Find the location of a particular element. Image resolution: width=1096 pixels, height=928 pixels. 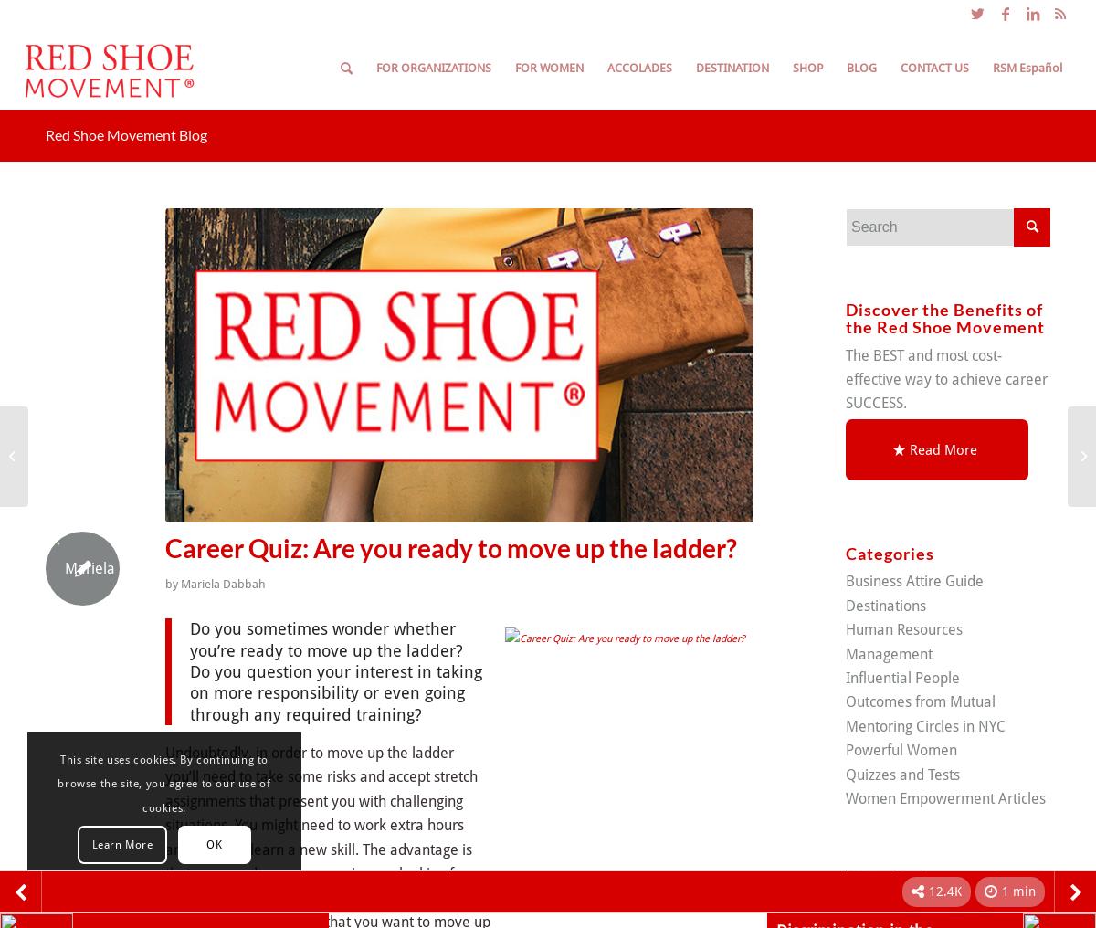

'Do you sometimes wonder whether you’re ready to move up the ladder?  Do you question your interest in taking on more responsibility or even going through any required training?' is located at coordinates (336, 670).